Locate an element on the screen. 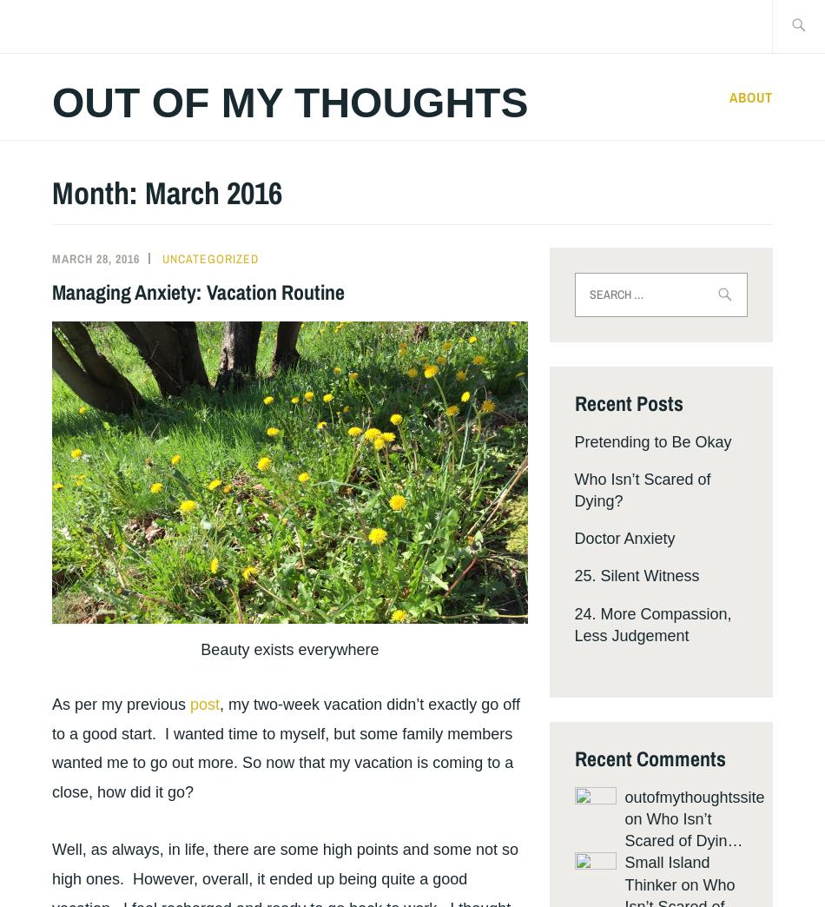  'post' is located at coordinates (204, 703).